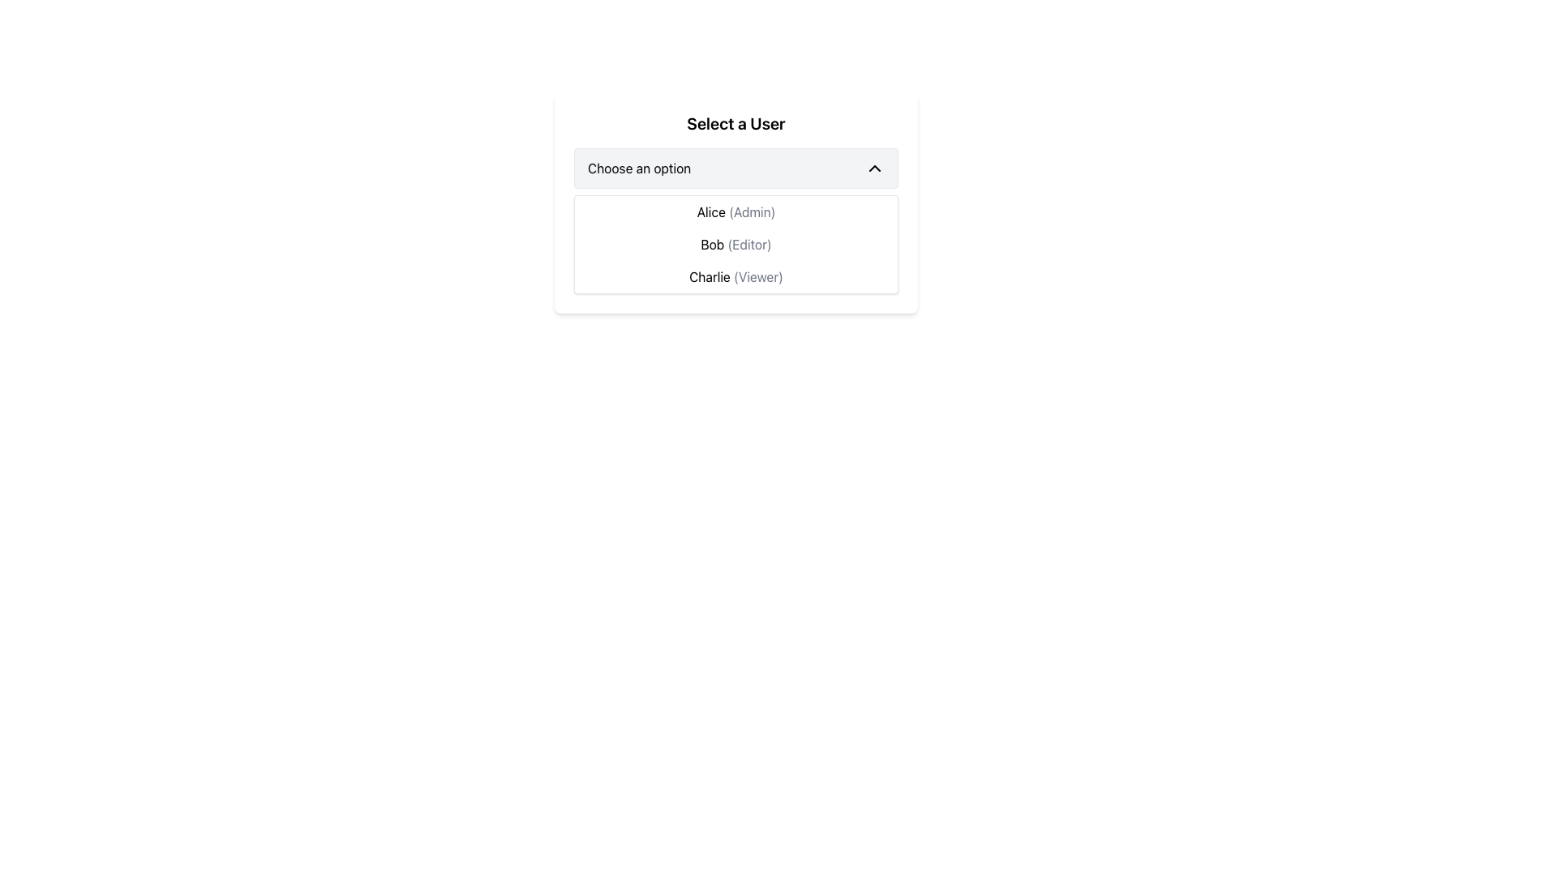  Describe the element at coordinates (735, 211) in the screenshot. I see `the first entry in the dropdown list labeled 'Select a User', which allows the user to select 'Alice (Admin)'` at that location.